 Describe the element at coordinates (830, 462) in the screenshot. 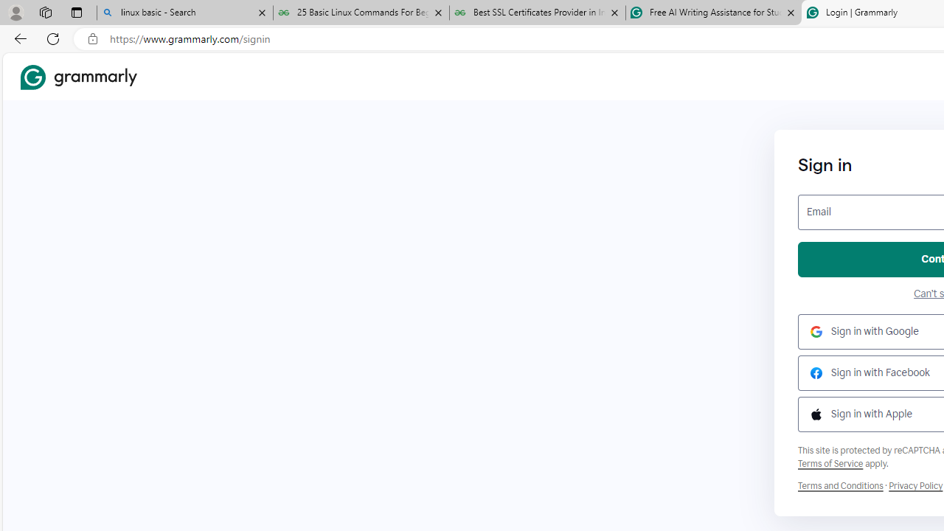

I see `'Google Terms of Service'` at that location.